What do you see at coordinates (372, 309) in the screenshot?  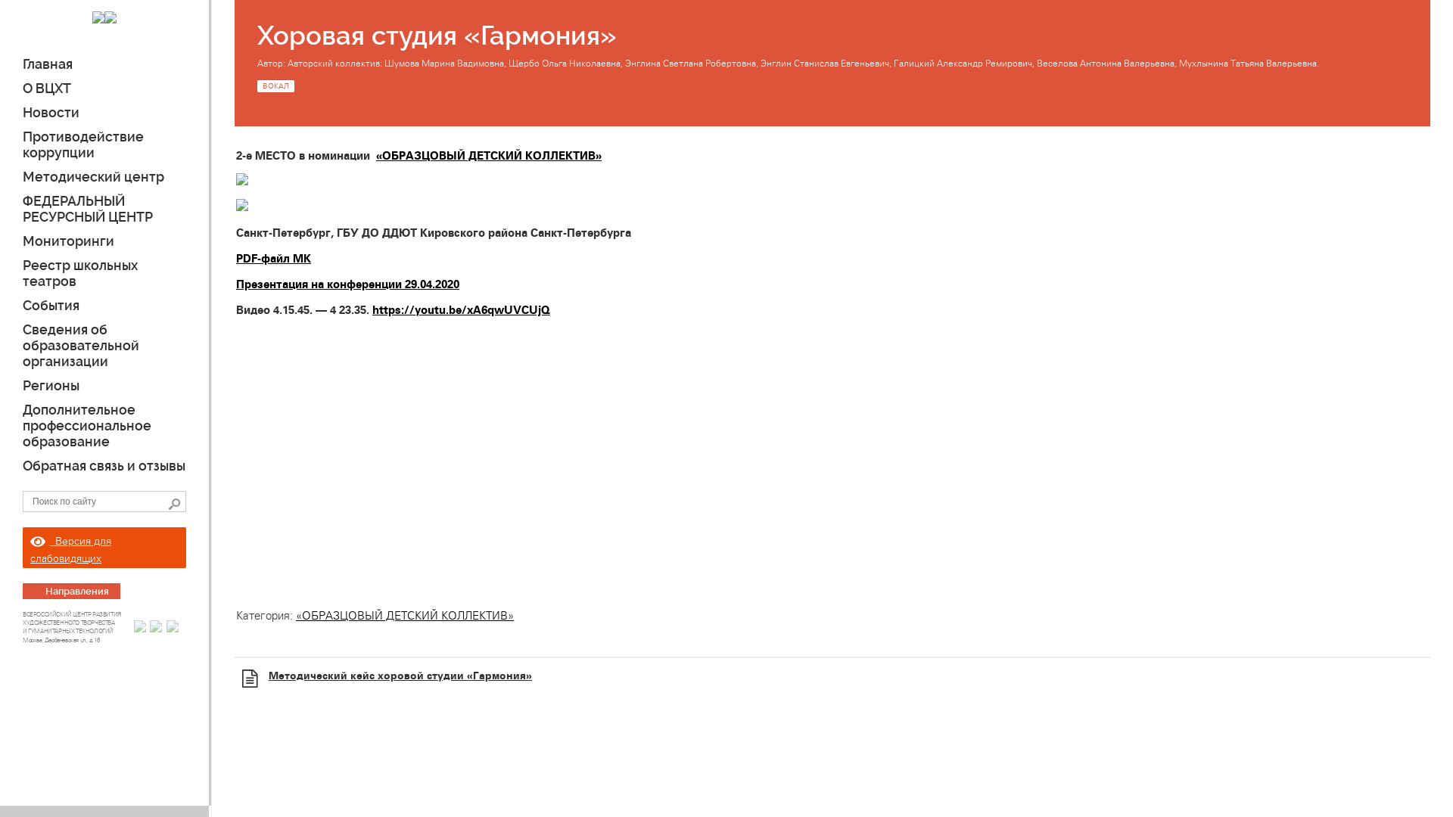 I see `'https://youtu.be/xA6qwUVCUjQ'` at bounding box center [372, 309].